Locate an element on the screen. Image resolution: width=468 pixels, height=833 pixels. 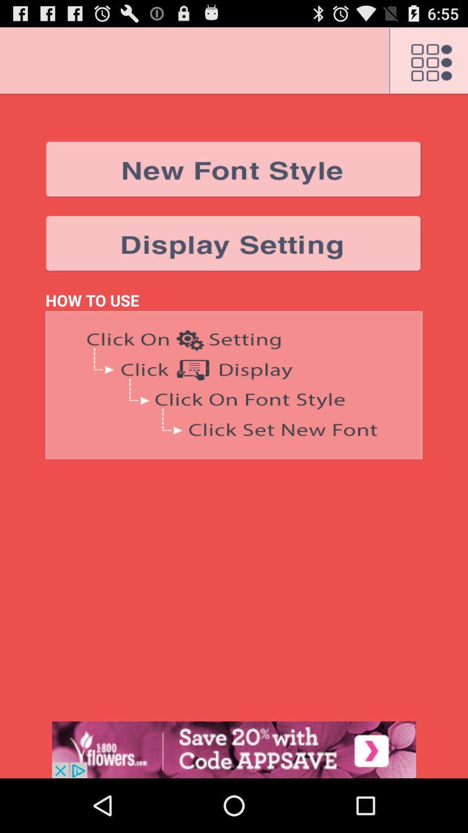
display setting is located at coordinates (234, 243).